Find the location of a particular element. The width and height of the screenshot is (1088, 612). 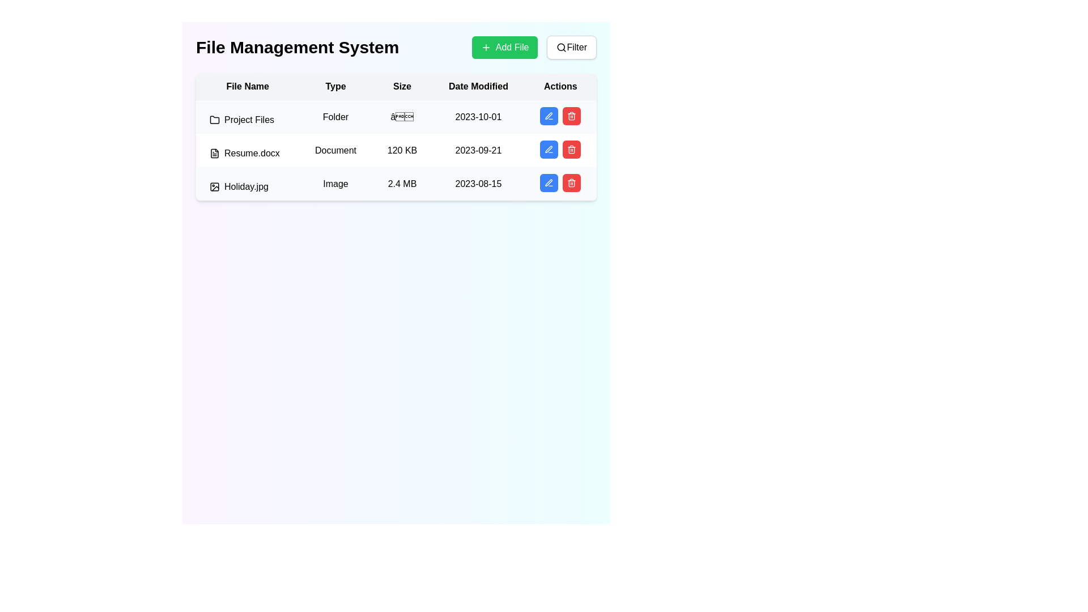

the document file icon located in the second row under the 'File Name' column, adjacent to the text 'Resume.docx' is located at coordinates (215, 153).